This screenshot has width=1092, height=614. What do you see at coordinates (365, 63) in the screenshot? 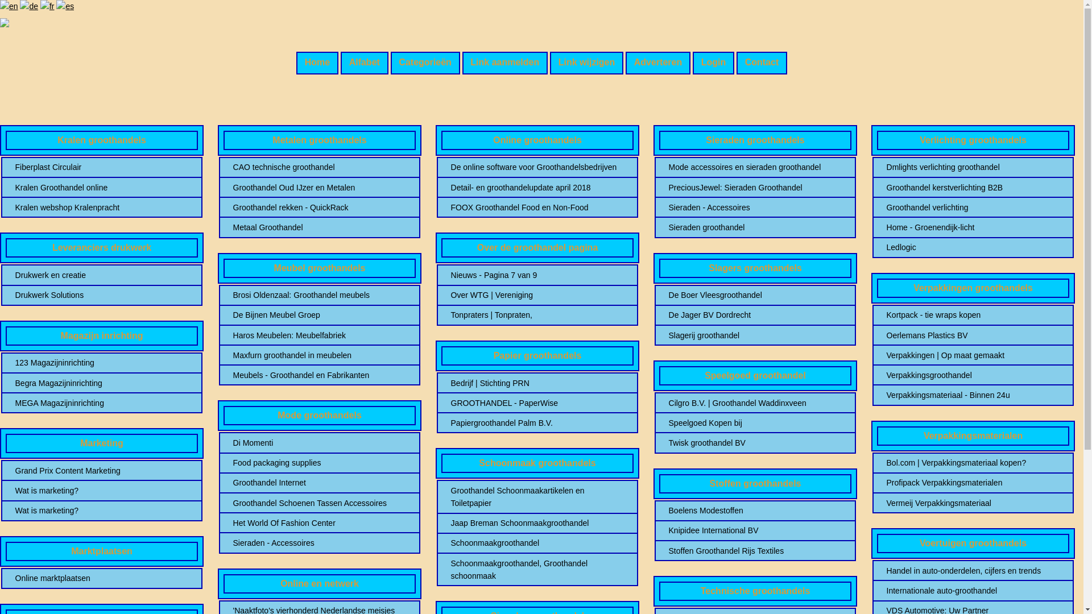
I see `'Alfabet'` at bounding box center [365, 63].